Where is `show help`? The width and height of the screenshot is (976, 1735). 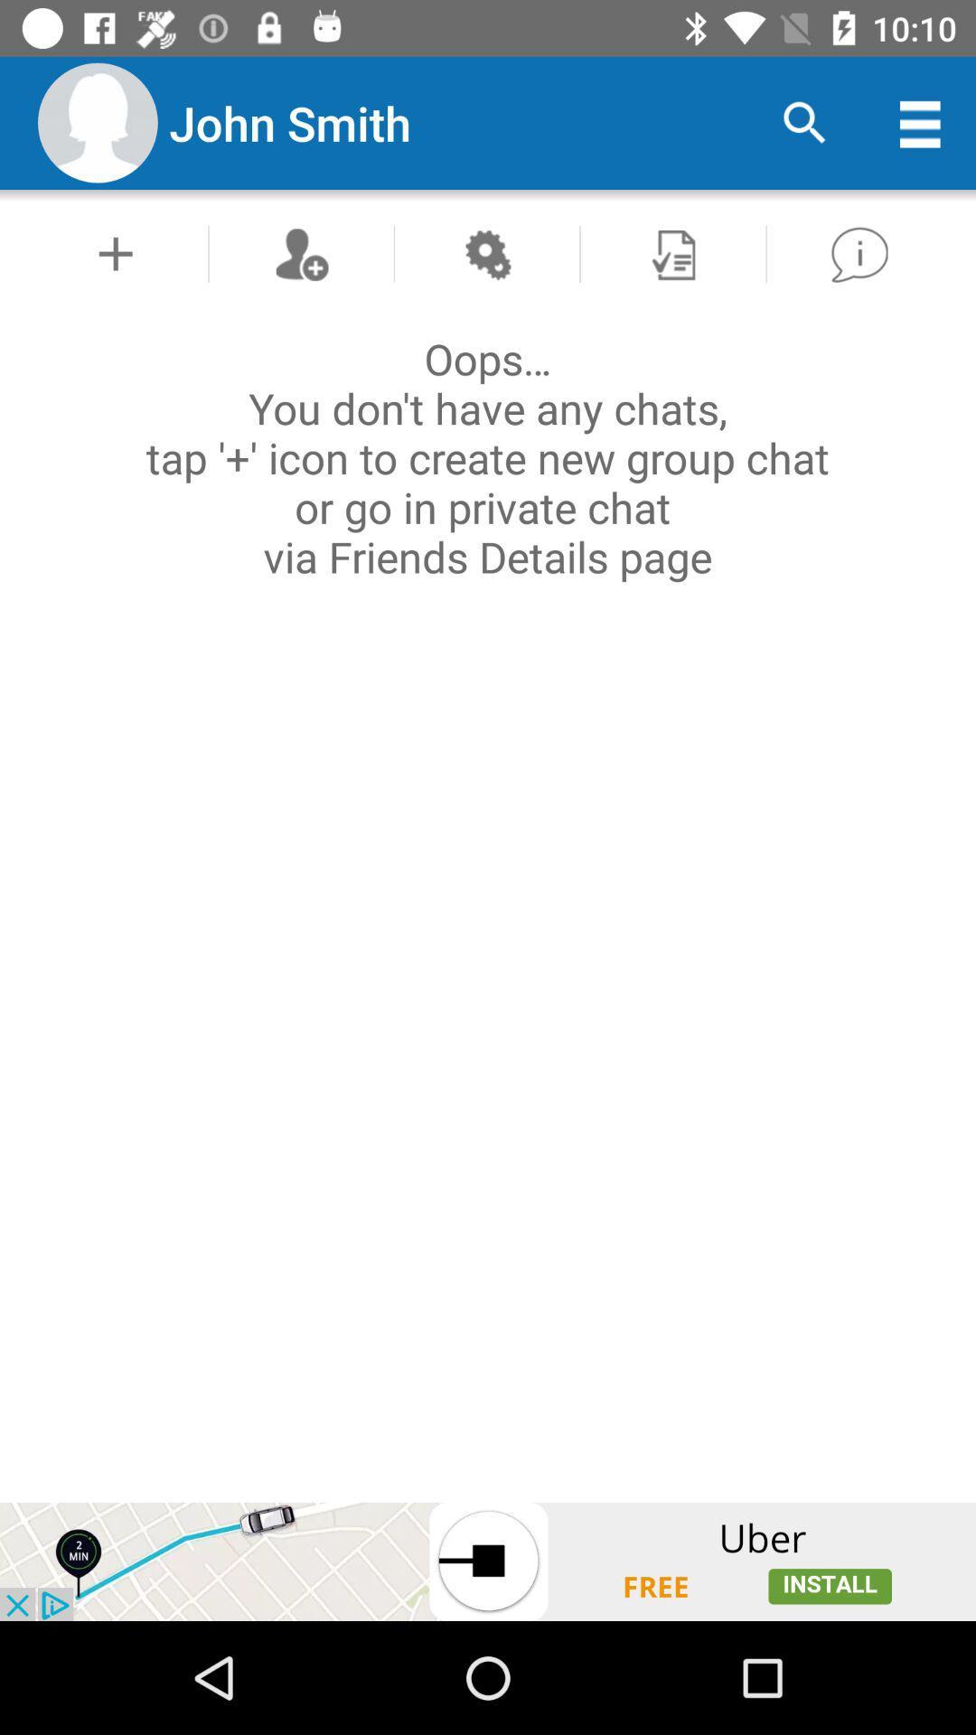 show help is located at coordinates (859, 253).